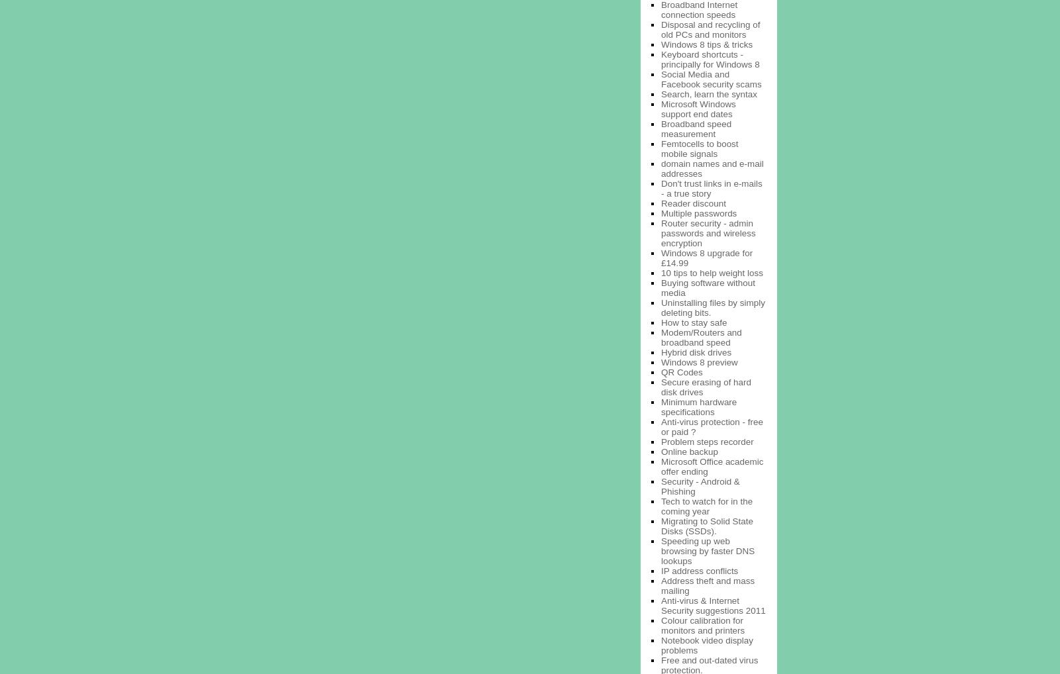  I want to click on 'Social Media and Facebook security scams', so click(711, 78).